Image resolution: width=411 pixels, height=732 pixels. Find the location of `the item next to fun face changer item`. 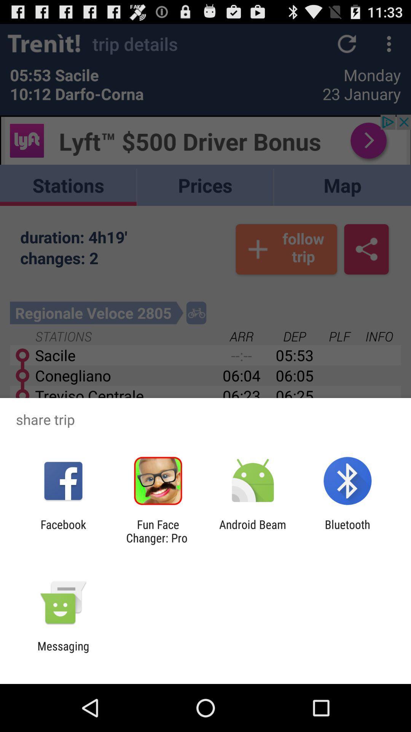

the item next to fun face changer item is located at coordinates (253, 531).